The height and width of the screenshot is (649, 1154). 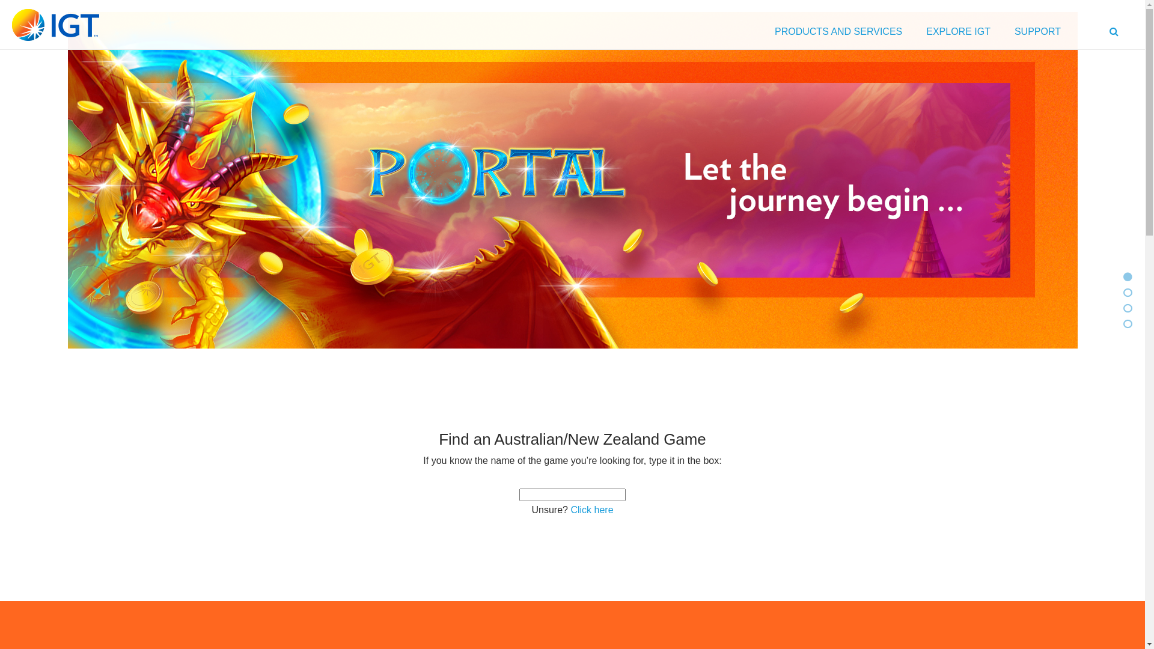 I want to click on ' ', so click(x=1114, y=34).